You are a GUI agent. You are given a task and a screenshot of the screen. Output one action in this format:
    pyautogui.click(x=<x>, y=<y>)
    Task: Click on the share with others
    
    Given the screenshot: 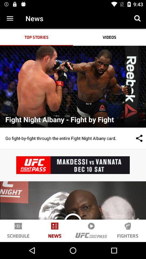 What is the action you would take?
    pyautogui.click(x=134, y=138)
    